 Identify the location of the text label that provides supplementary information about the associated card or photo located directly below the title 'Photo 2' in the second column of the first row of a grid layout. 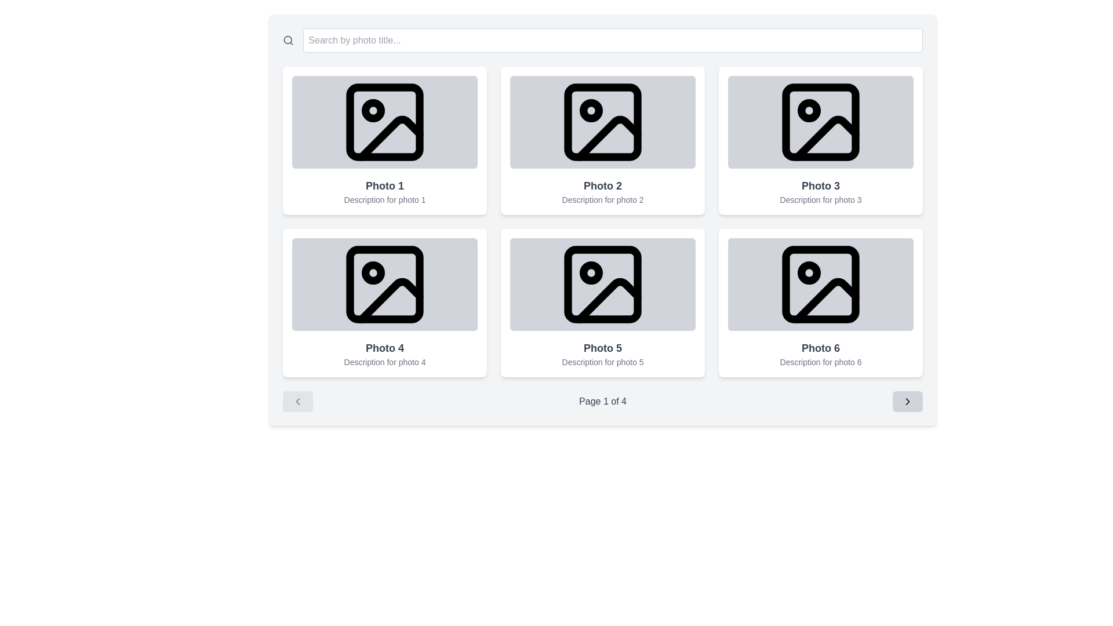
(603, 199).